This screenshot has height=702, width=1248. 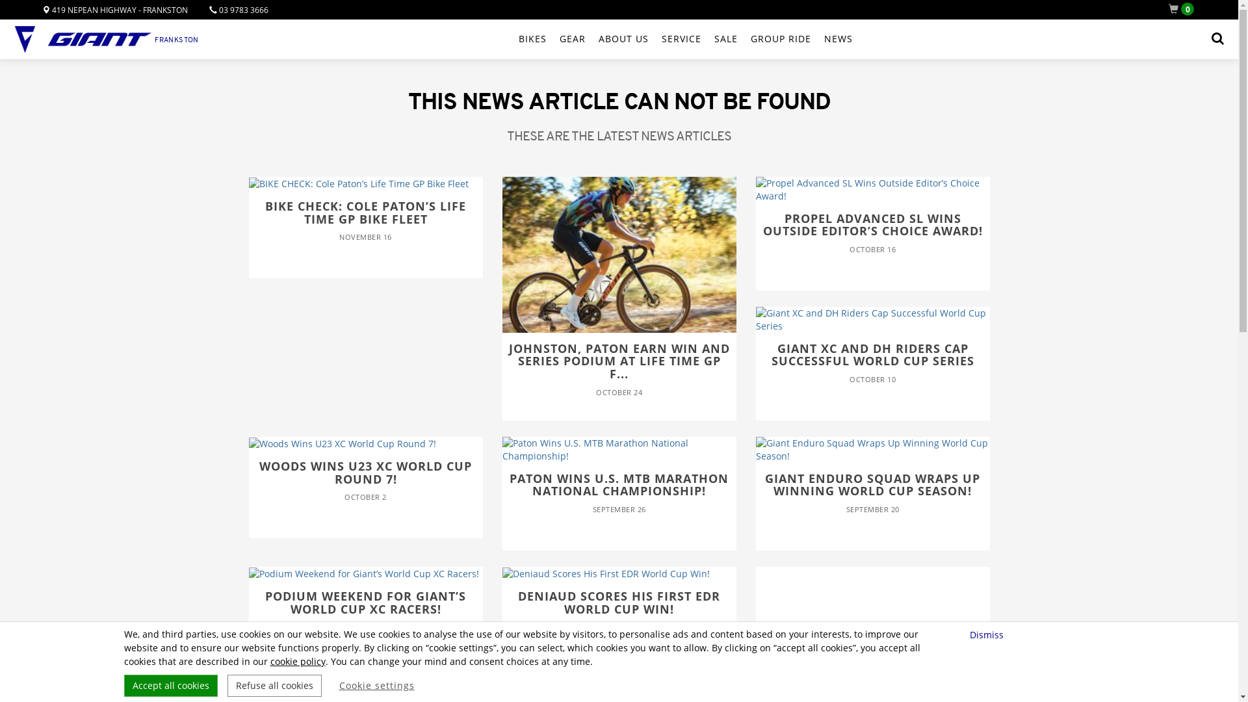 I want to click on 'Cookie settings', so click(x=376, y=685).